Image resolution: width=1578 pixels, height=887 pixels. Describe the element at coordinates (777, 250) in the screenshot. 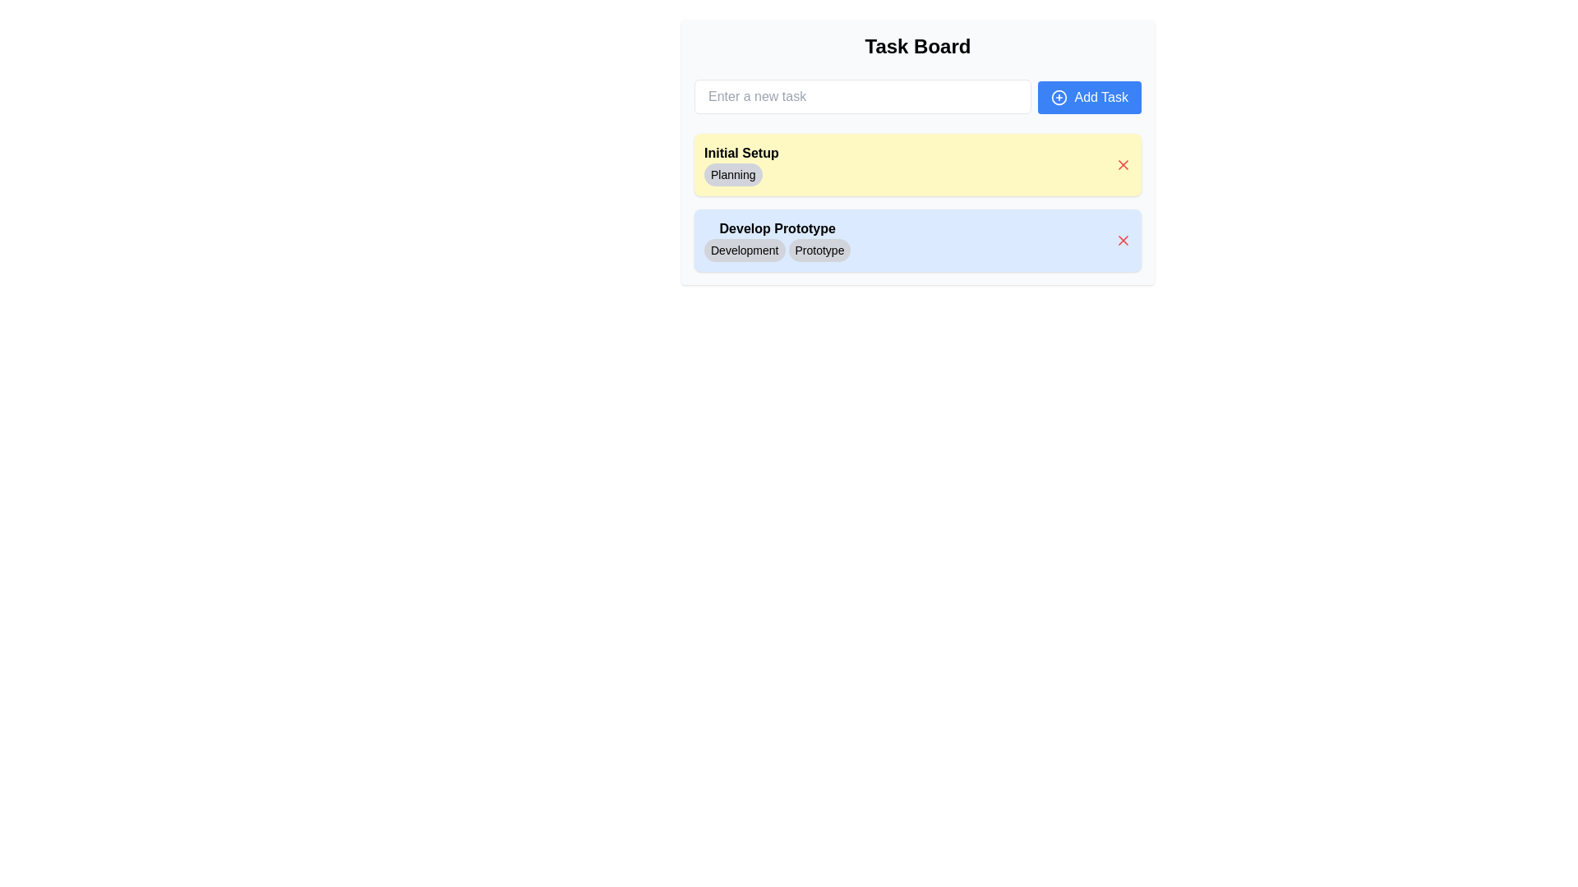

I see `the 'Development' and 'Prototype' tag group located` at that location.